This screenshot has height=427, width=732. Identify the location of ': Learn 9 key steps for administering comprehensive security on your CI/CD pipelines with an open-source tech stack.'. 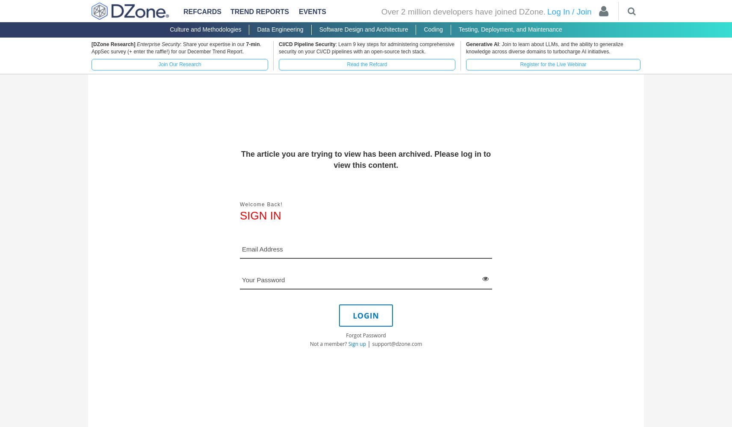
(278, 47).